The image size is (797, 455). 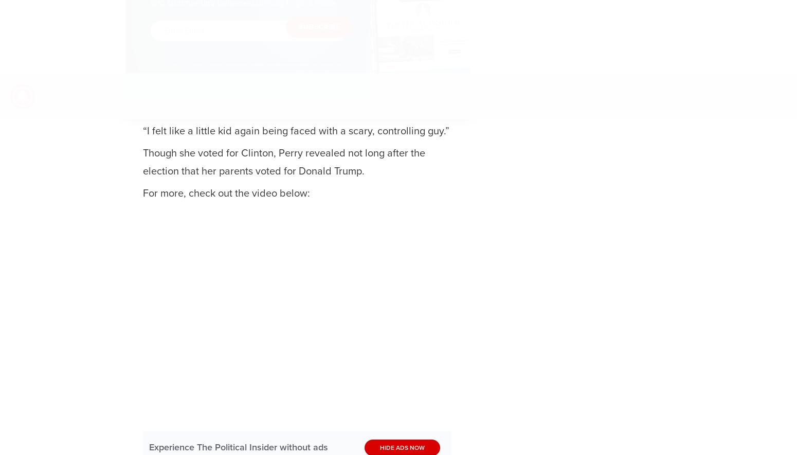 I want to click on 'terms and conditions', so click(x=245, y=71).